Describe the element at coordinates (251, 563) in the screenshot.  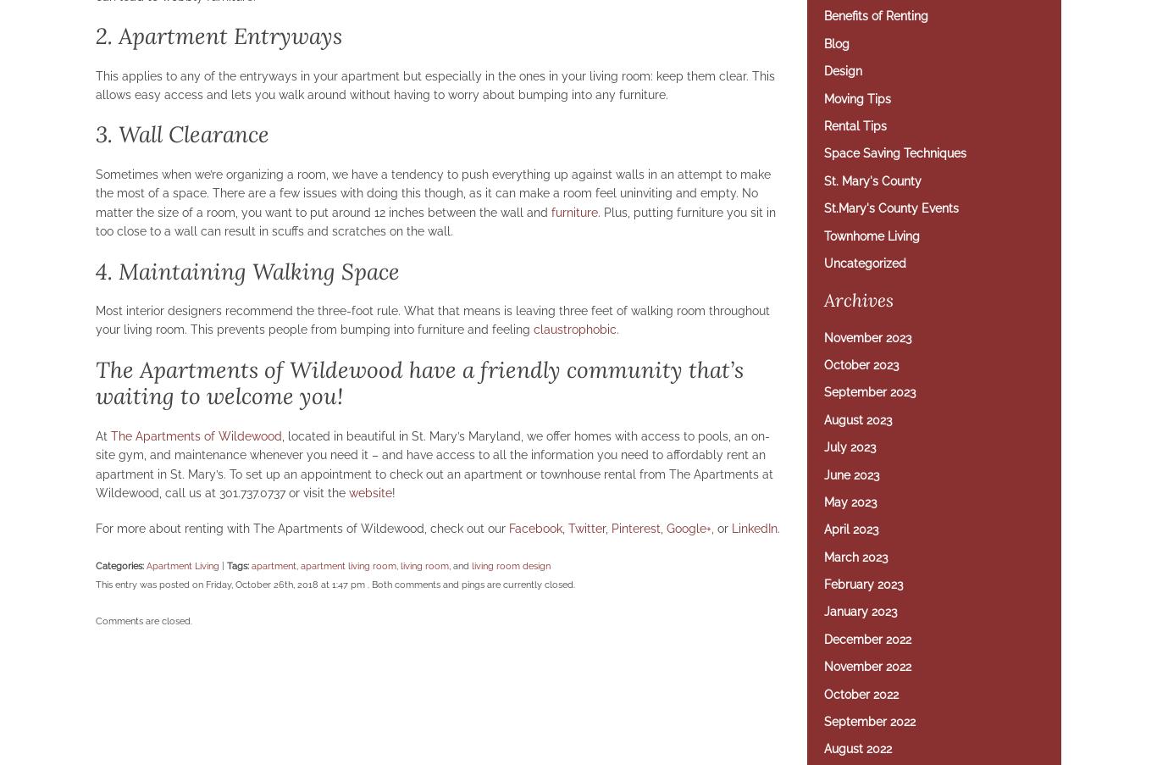
I see `'apartment'` at that location.